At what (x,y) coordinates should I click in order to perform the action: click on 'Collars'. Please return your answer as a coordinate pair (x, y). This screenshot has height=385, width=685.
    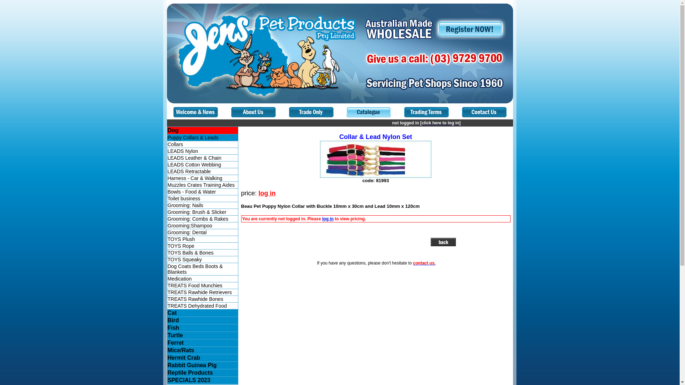
    Looking at the image, I should click on (175, 144).